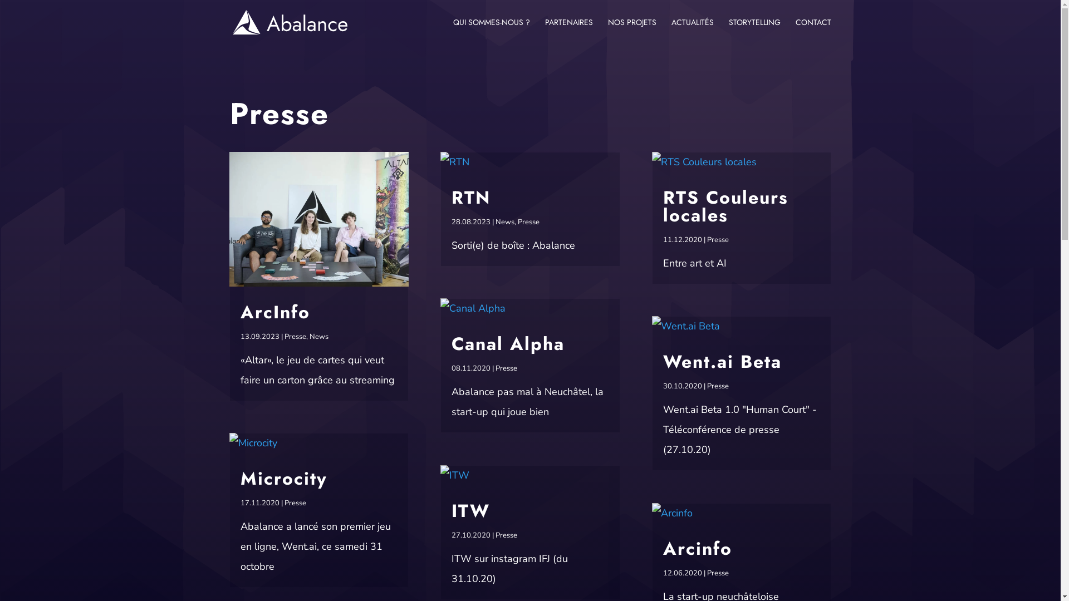  Describe the element at coordinates (528, 221) in the screenshot. I see `'Presse'` at that location.